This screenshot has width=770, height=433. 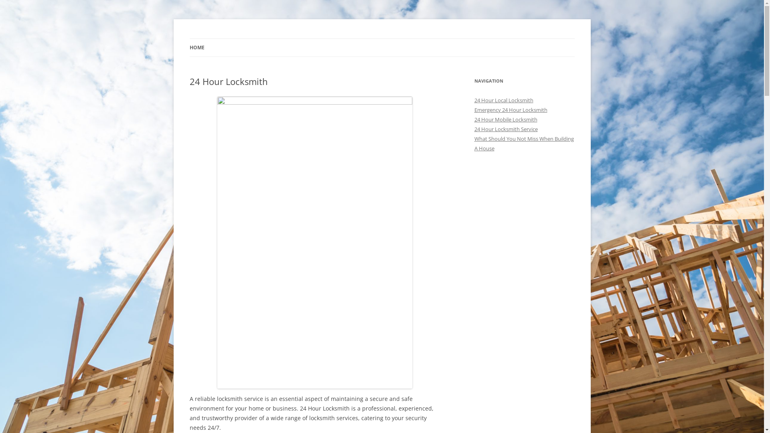 What do you see at coordinates (197, 48) in the screenshot?
I see `'HOME'` at bounding box center [197, 48].